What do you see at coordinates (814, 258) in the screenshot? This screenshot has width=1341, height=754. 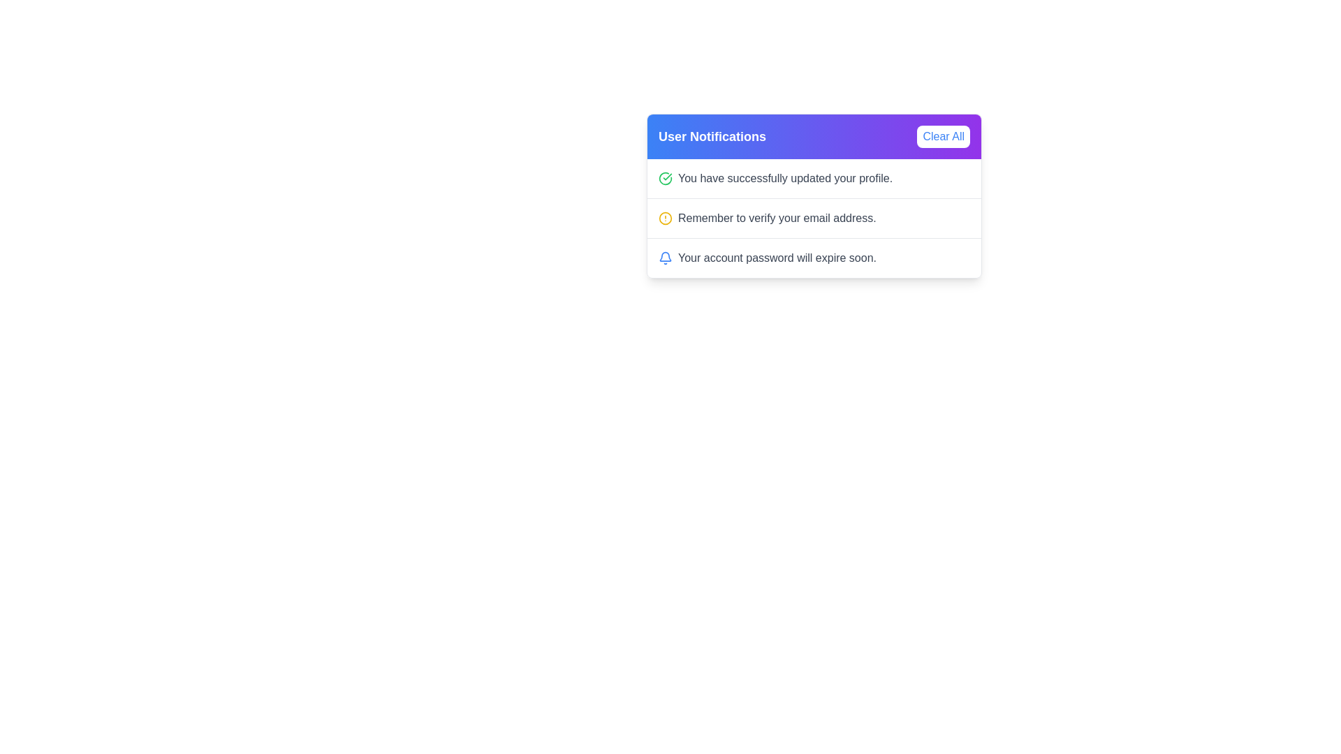 I see `the notification message containing the blue bell icon and the text 'Your account password will expire soon.' which is the third item in the User Notifications list` at bounding box center [814, 258].